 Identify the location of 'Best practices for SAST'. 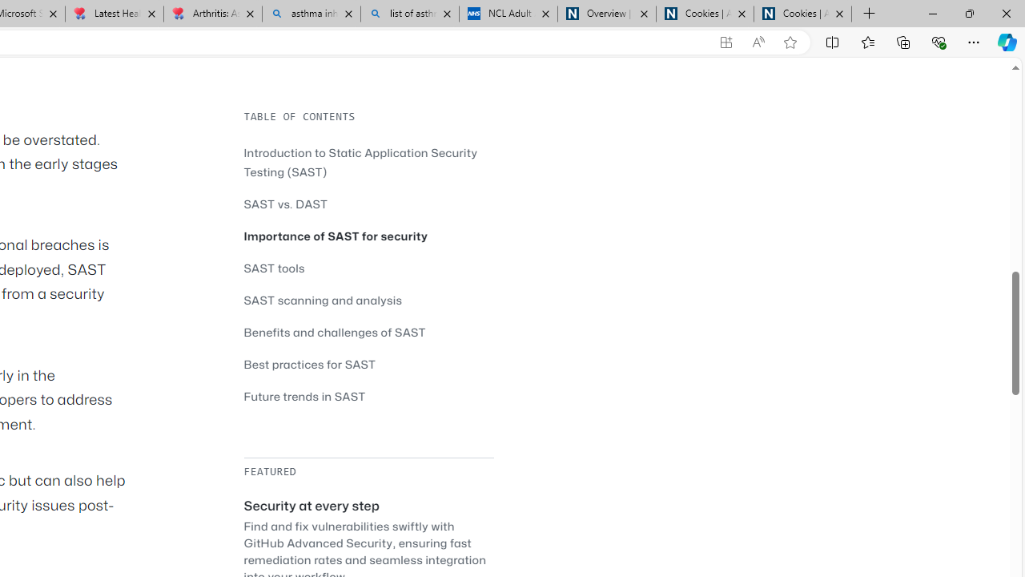
(310, 364).